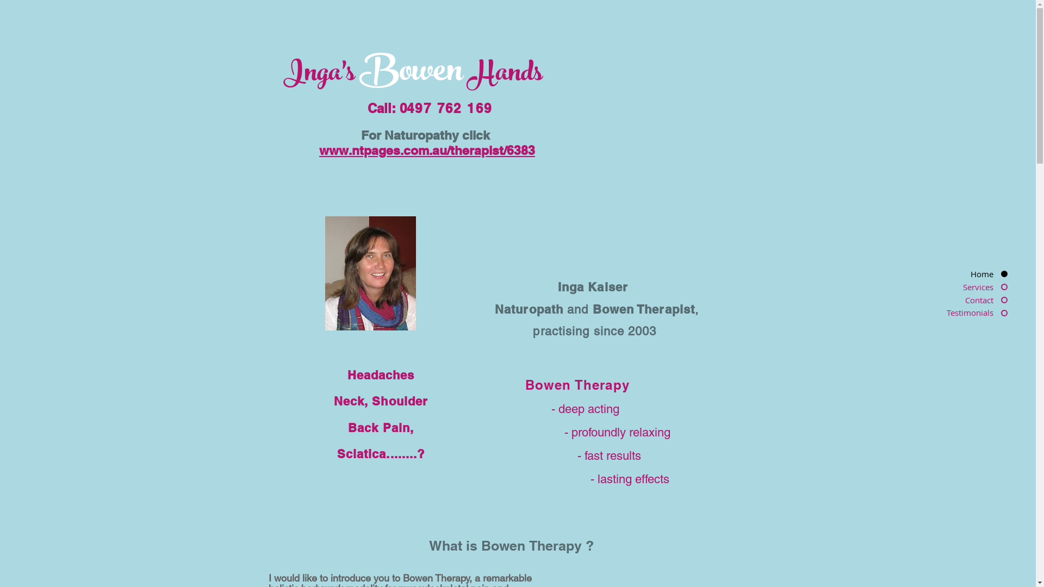 This screenshot has height=587, width=1044. Describe the element at coordinates (963, 300) in the screenshot. I see `'Contact'` at that location.